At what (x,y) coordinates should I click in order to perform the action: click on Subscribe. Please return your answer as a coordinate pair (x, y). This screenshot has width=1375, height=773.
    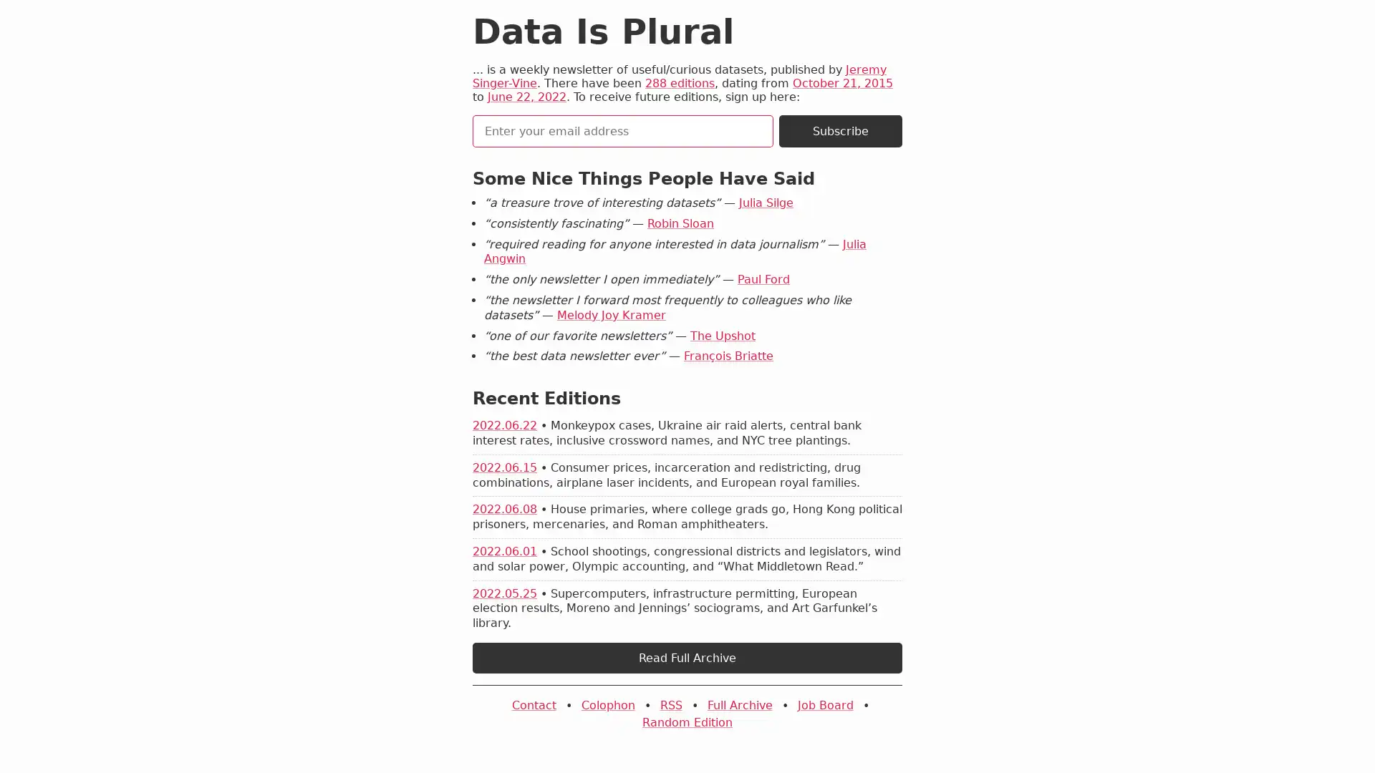
    Looking at the image, I should click on (841, 131).